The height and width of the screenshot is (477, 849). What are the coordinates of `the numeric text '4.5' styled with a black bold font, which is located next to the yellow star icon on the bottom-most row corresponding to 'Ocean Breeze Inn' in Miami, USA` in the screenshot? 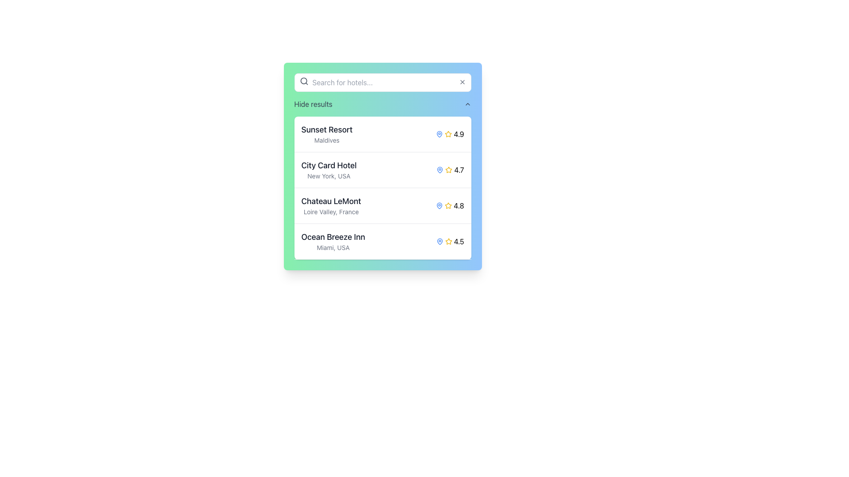 It's located at (459, 242).